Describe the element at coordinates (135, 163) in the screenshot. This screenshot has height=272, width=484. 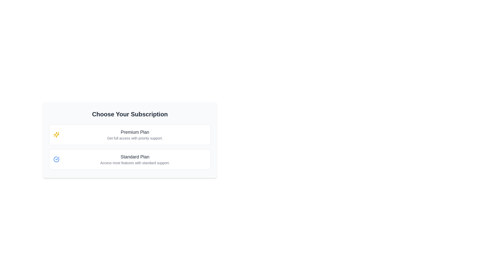
I see `the descriptive subtitle text label for the 'Standard Plan' option, which is located beneath the 'Standard Plan' title and adjacent to the 'Premium Plan' section` at that location.